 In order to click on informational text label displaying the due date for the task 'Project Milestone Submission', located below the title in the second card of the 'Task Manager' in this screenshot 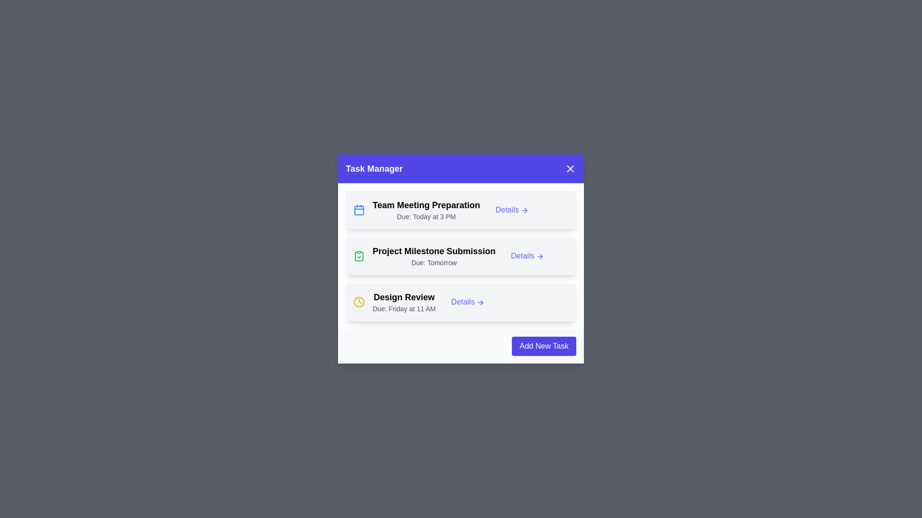, I will do `click(433, 262)`.